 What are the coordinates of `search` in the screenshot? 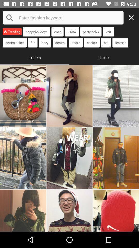 It's located at (63, 18).